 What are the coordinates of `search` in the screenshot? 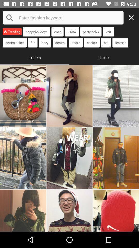 It's located at (63, 18).